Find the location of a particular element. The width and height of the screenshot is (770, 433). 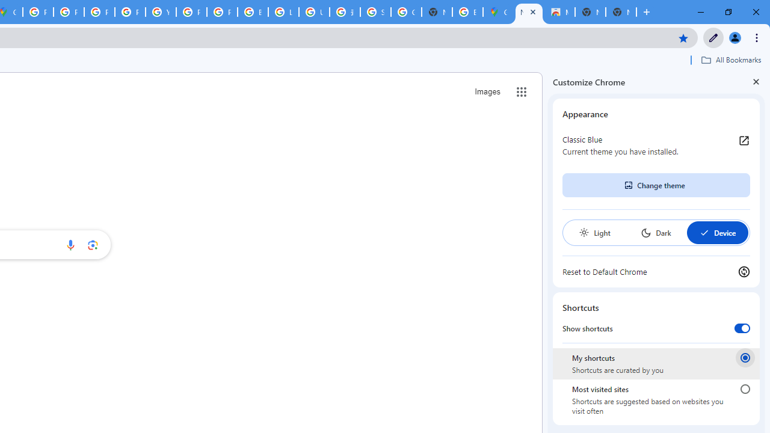

'Change theme' is located at coordinates (655, 185).